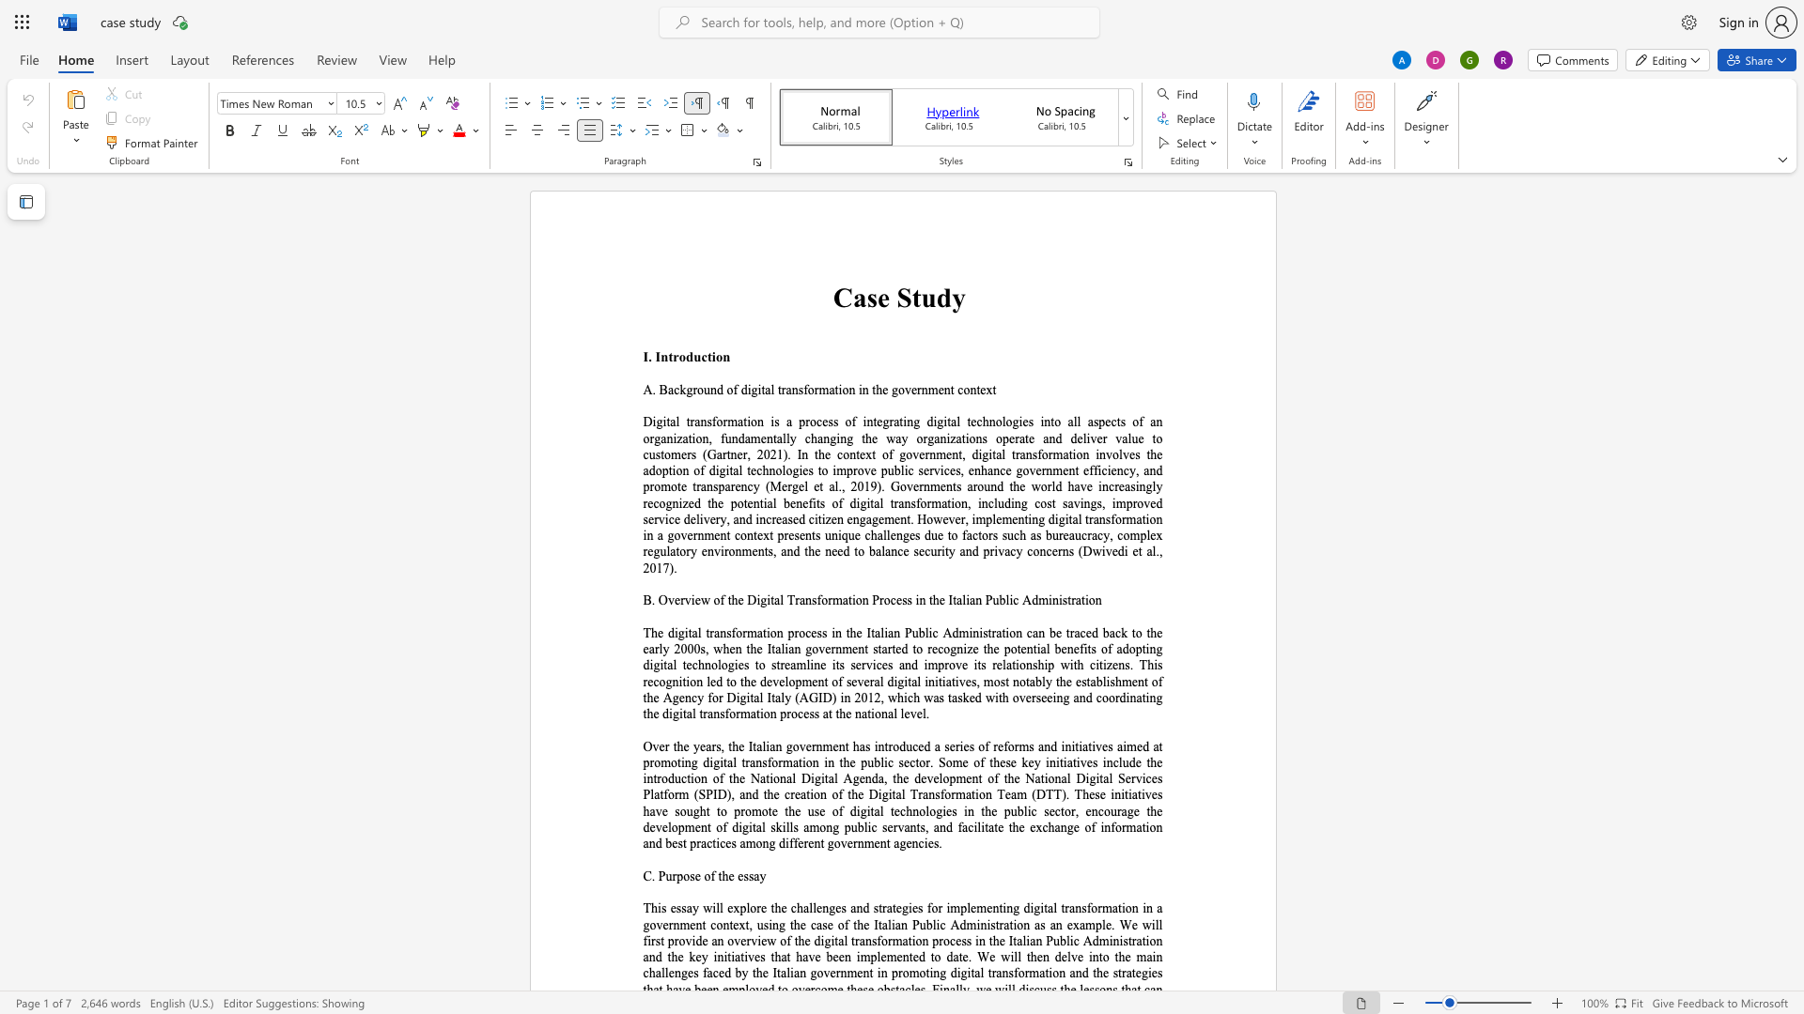  I want to click on the space between the continuous character "r" and "p" in the text, so click(676, 876).